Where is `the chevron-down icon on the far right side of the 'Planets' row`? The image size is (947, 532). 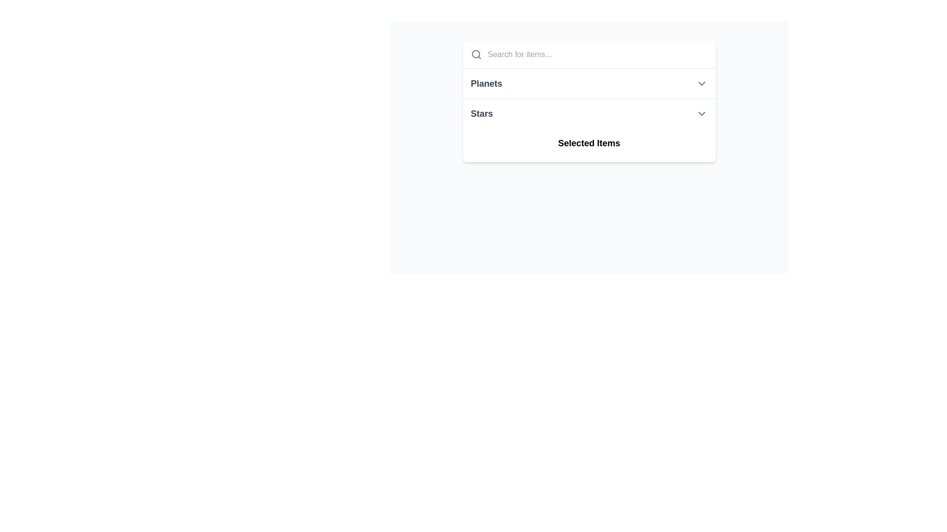
the chevron-down icon on the far right side of the 'Planets' row is located at coordinates (701, 83).